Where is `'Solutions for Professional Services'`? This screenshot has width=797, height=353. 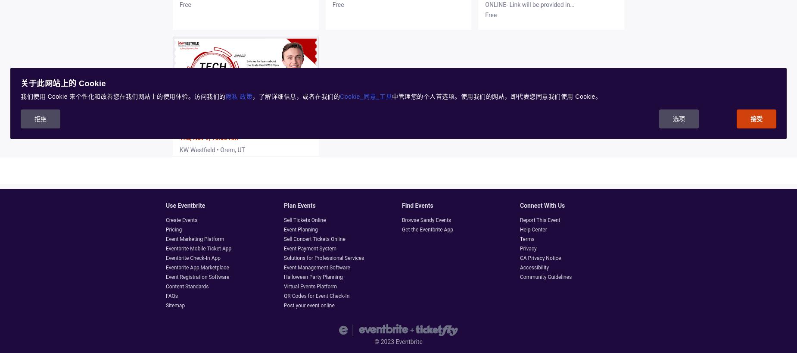
'Solutions for Professional Services' is located at coordinates (324, 258).